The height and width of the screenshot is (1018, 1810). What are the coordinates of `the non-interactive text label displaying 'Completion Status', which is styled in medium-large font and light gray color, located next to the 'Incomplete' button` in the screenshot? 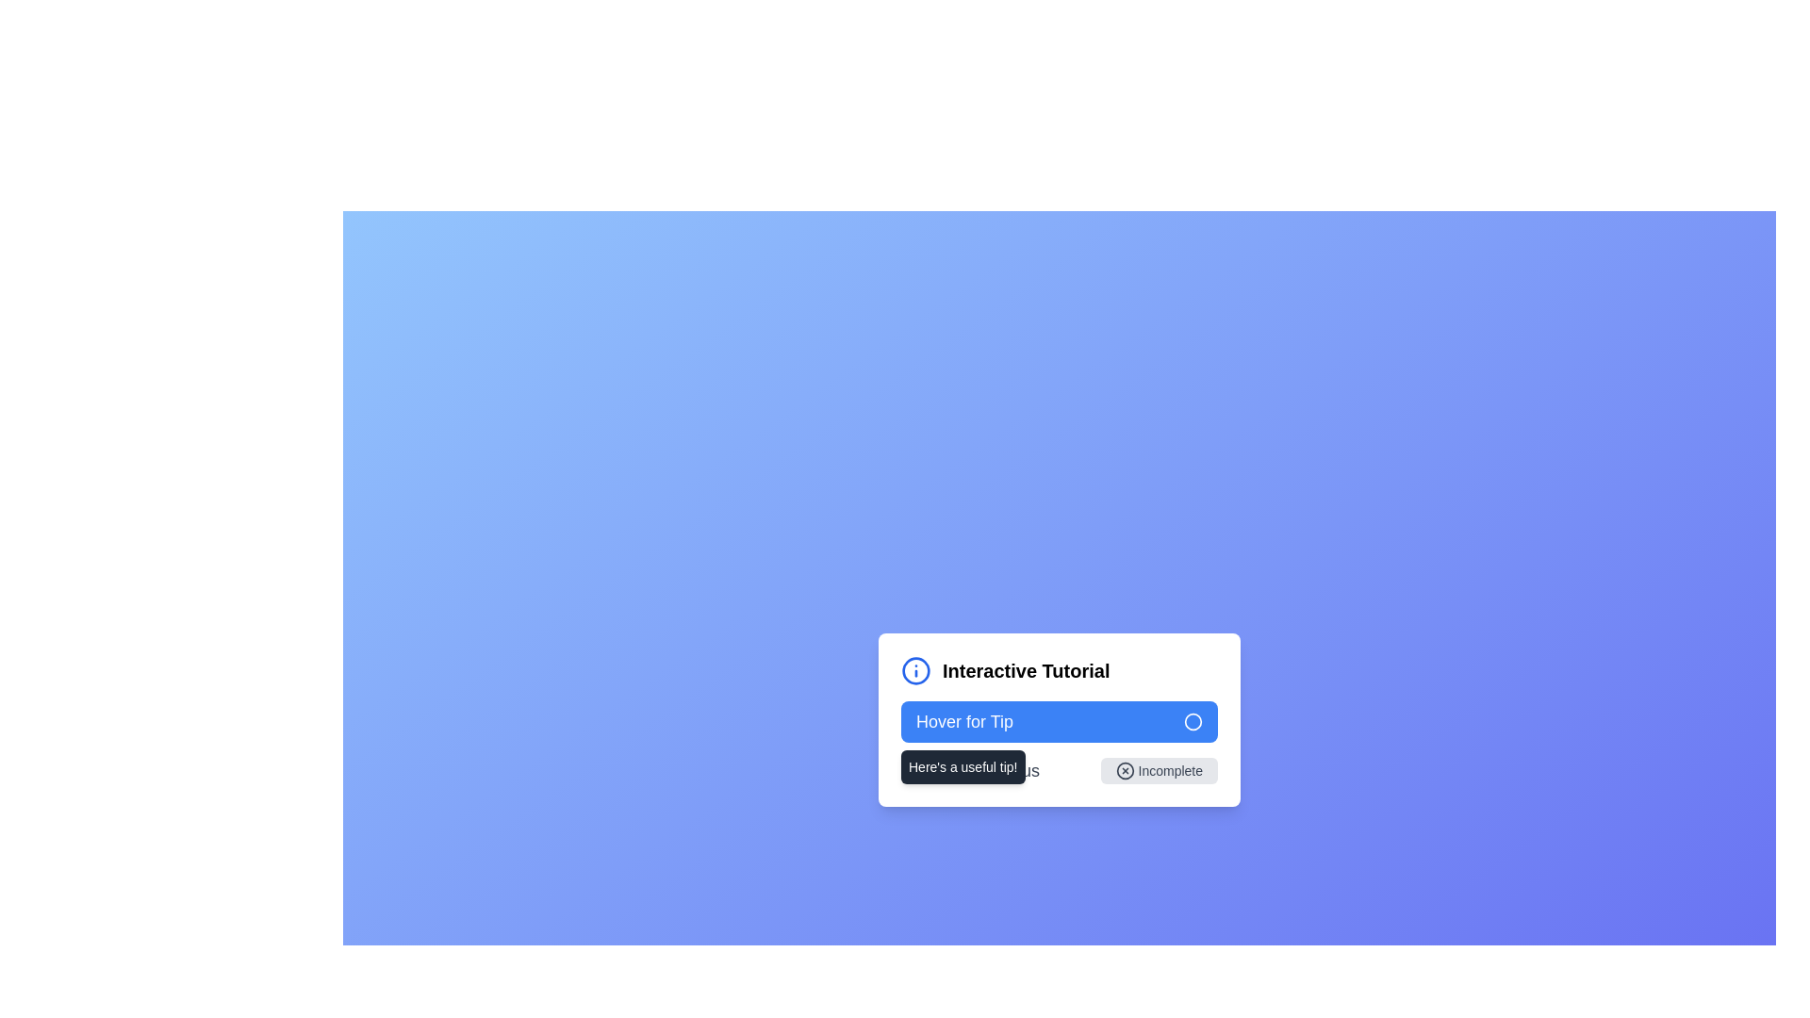 It's located at (970, 770).